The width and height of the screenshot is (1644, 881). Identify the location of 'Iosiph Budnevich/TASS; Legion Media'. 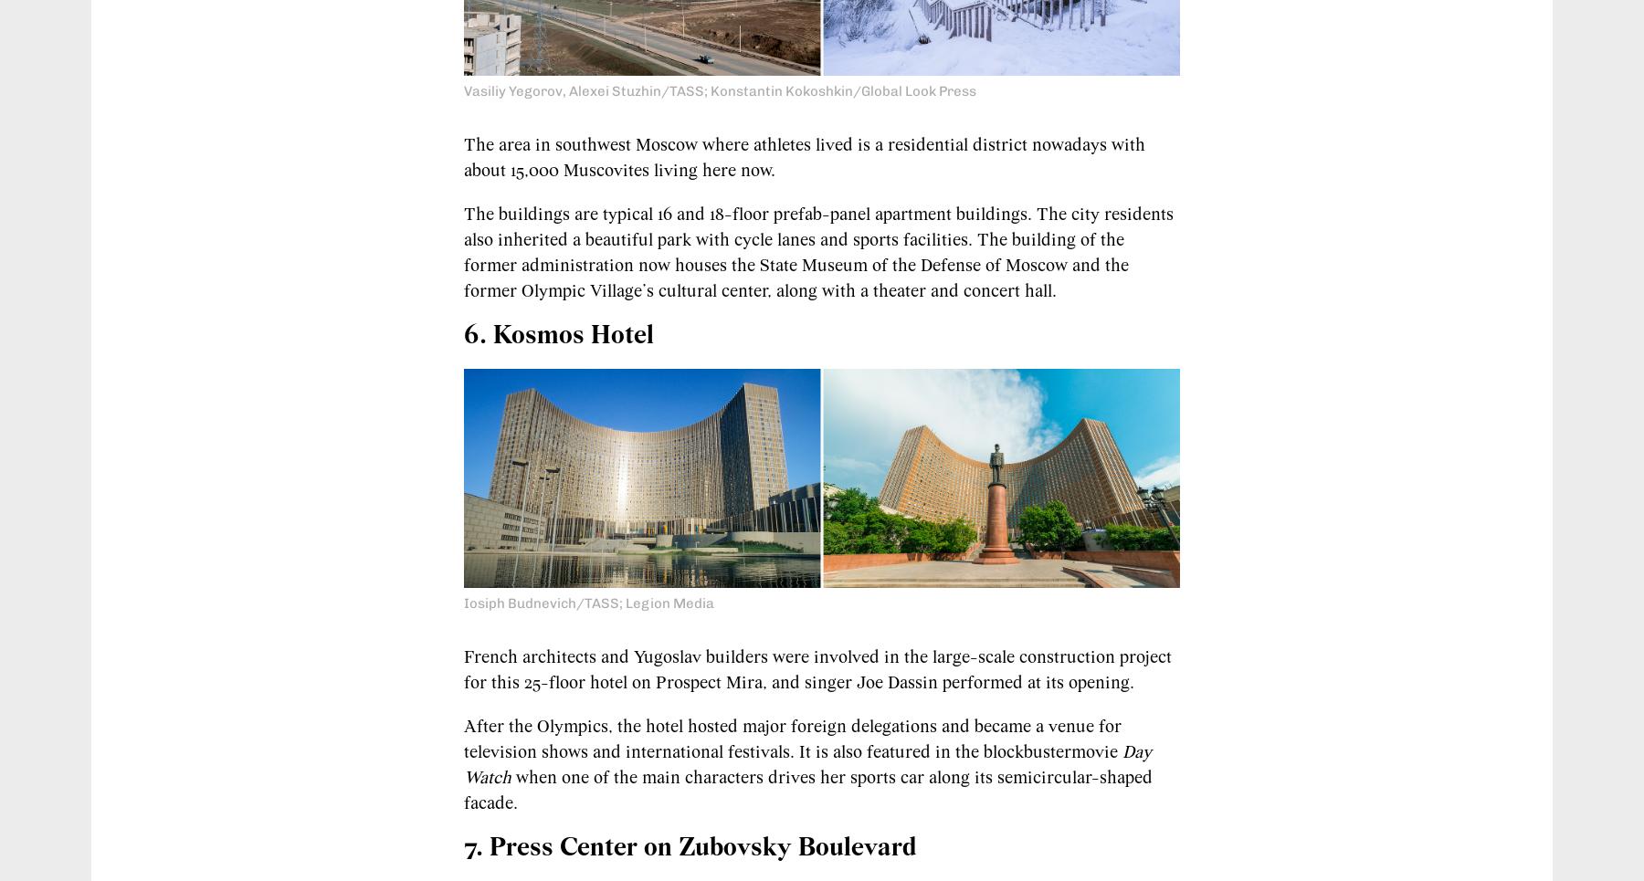
(588, 603).